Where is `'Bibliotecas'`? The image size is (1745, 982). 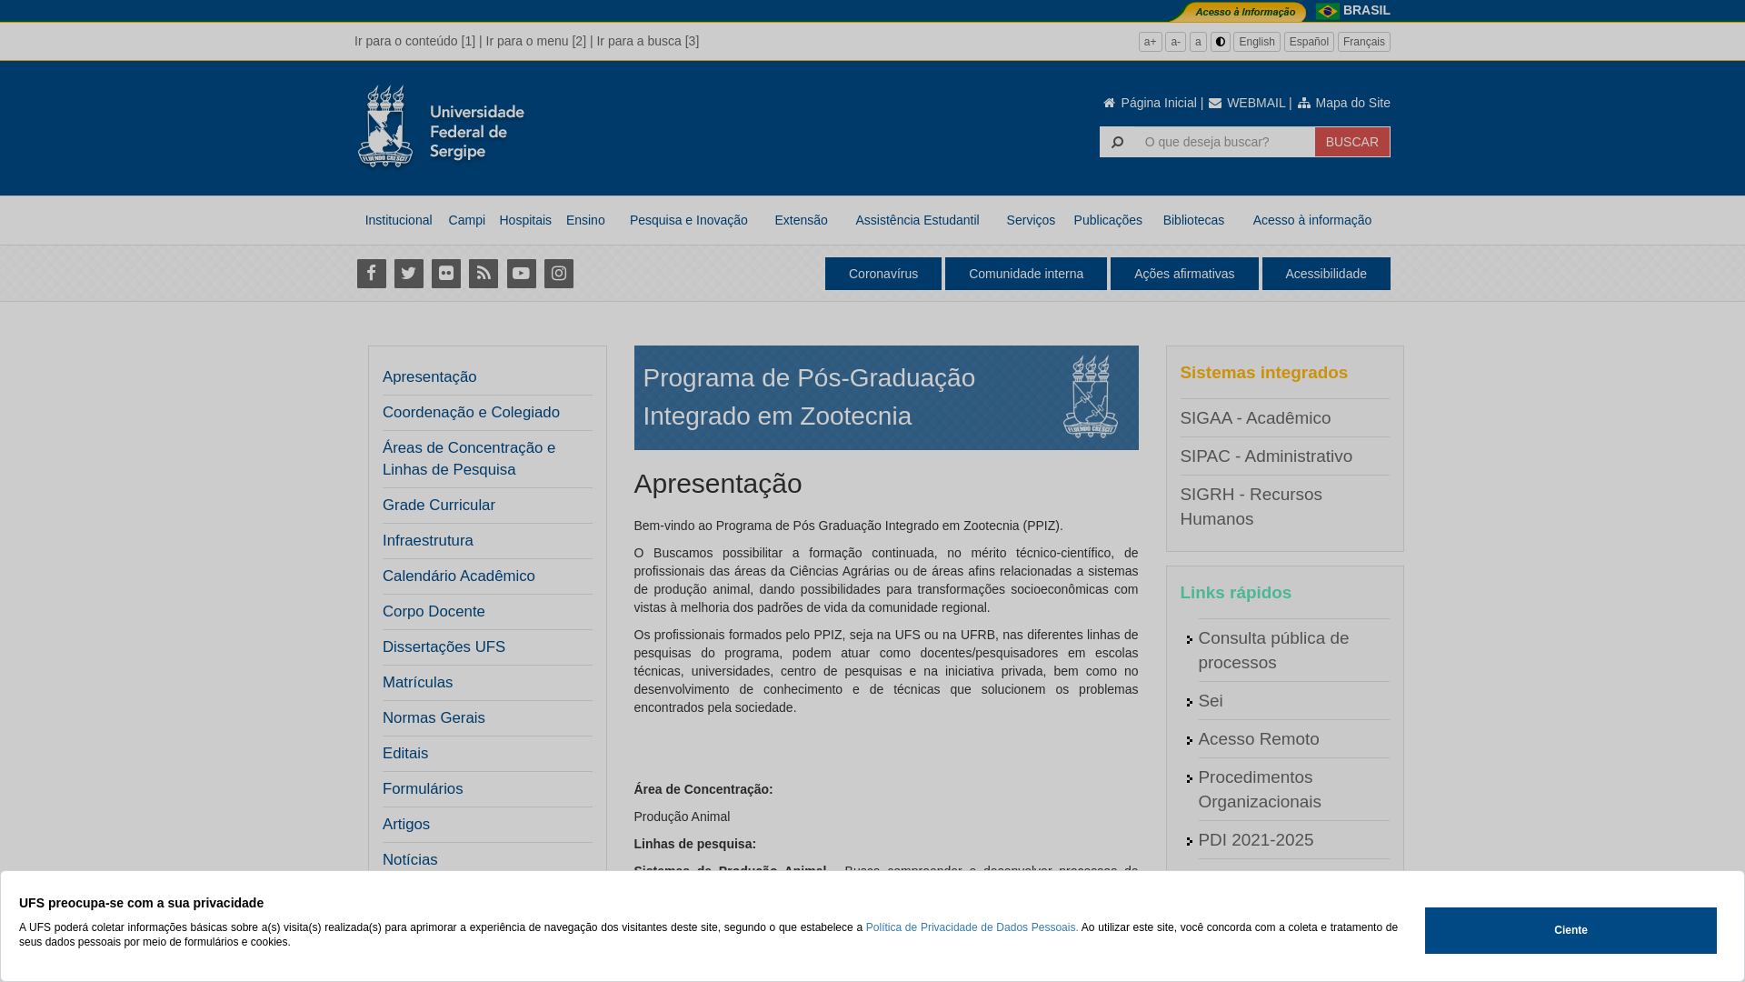
'Bibliotecas' is located at coordinates (1193, 219).